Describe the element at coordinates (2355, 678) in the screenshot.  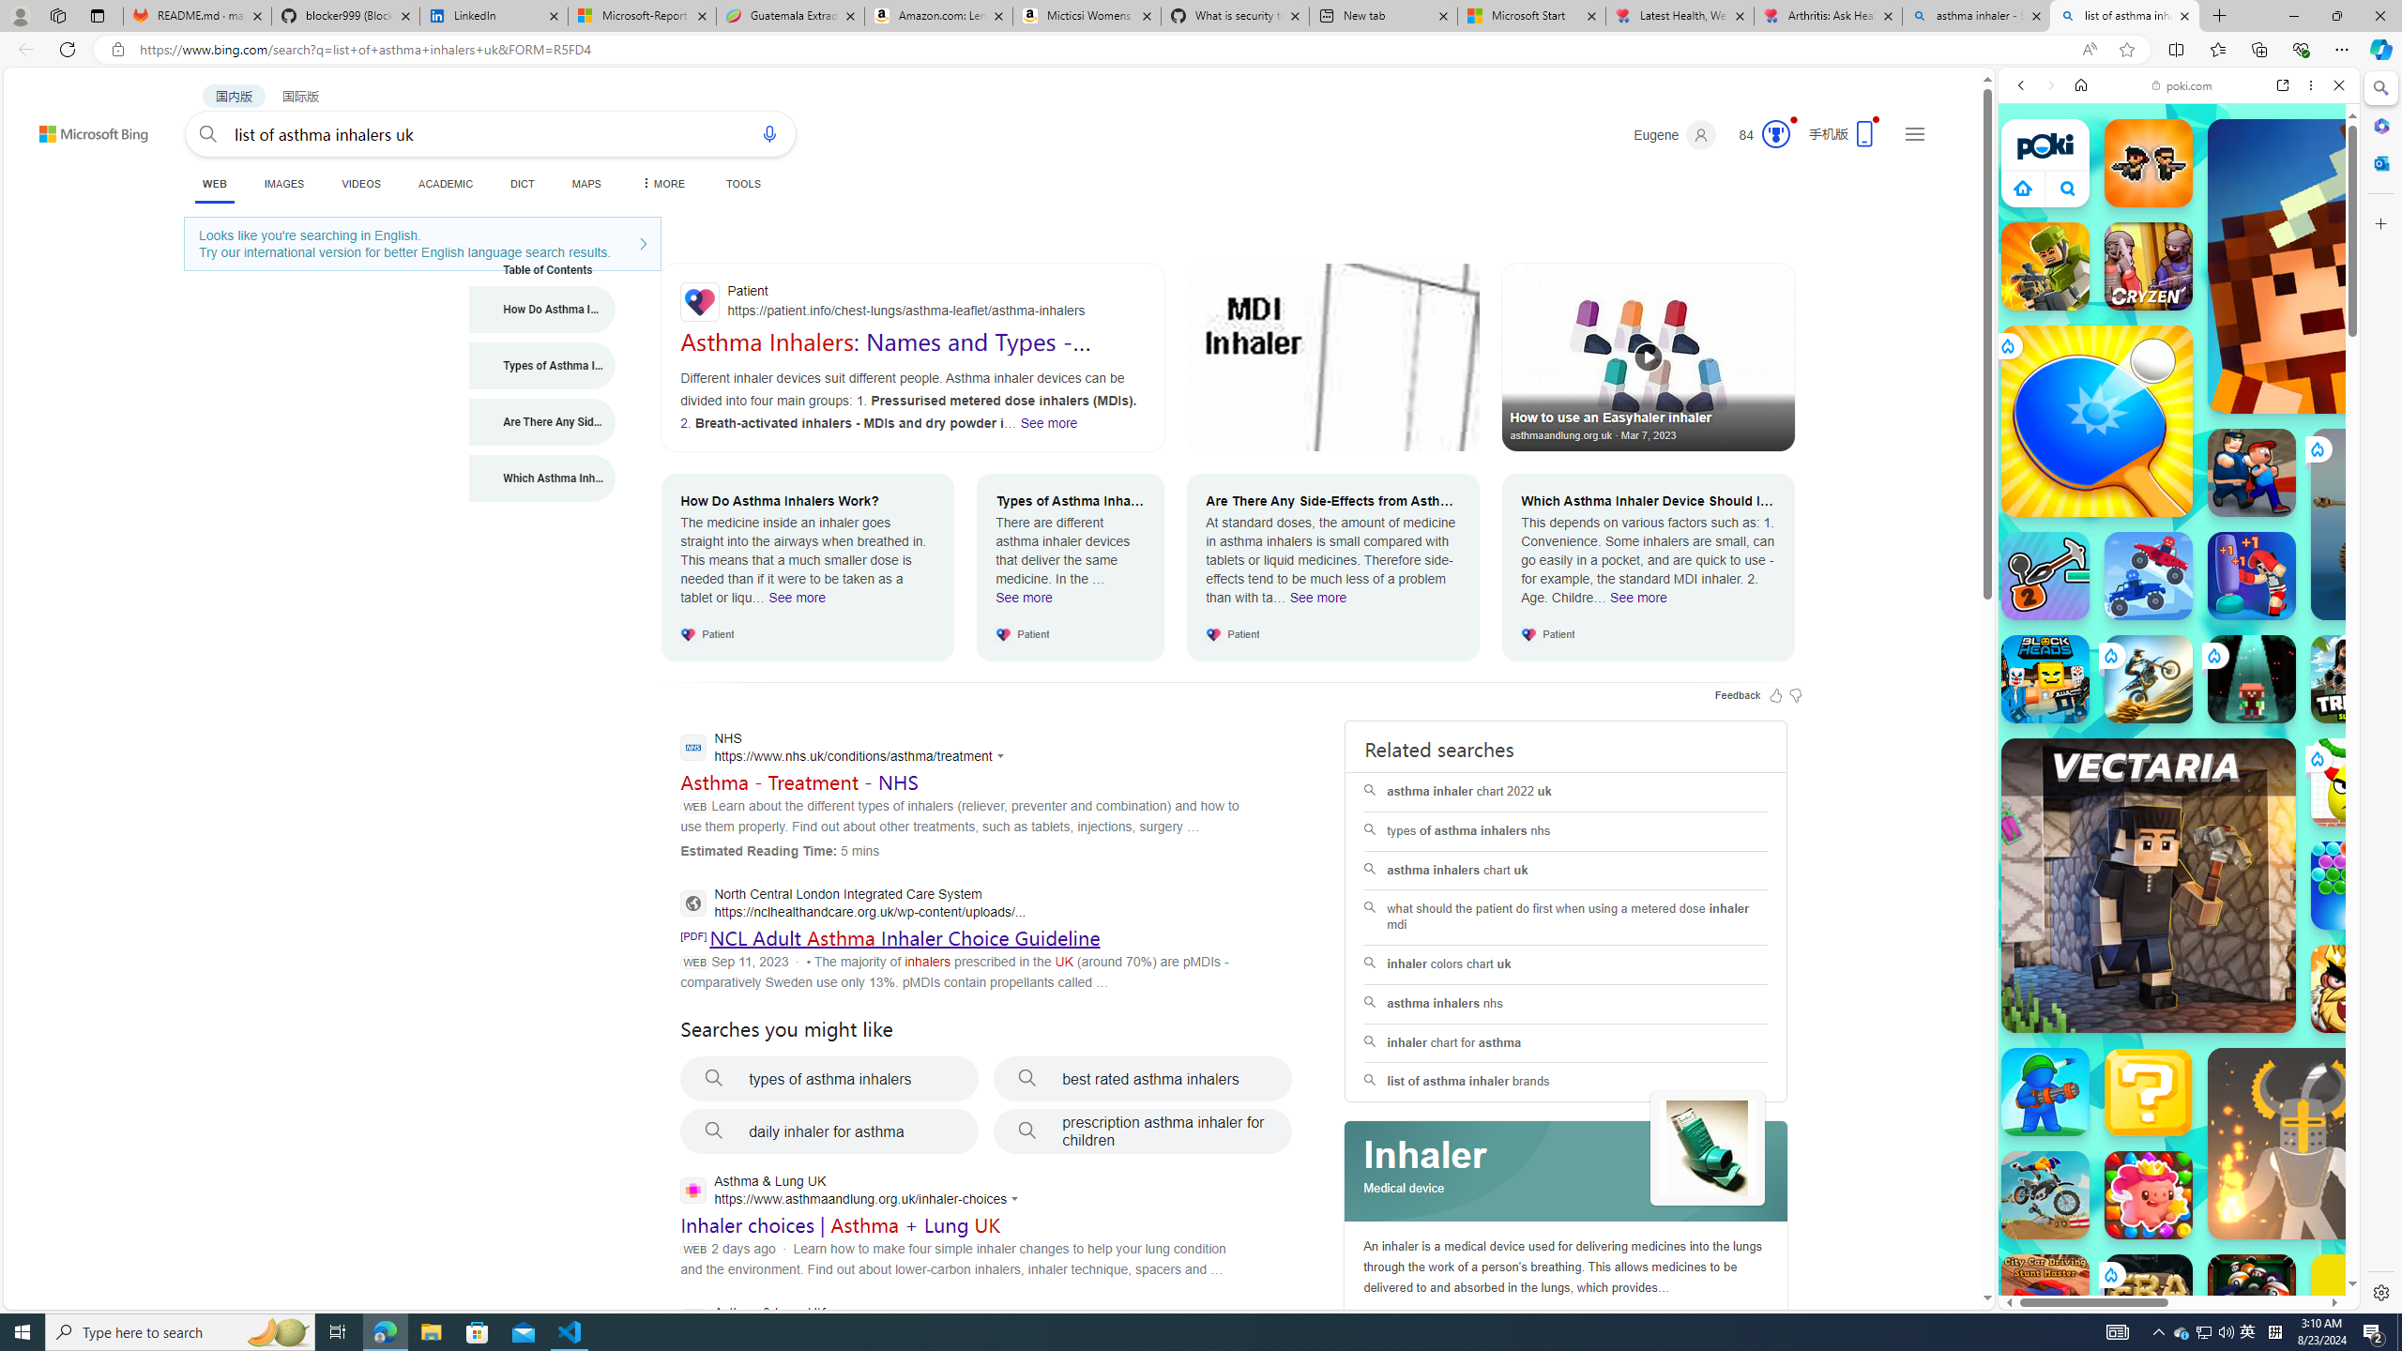
I see `'Tribals.io Tribals.io'` at that location.